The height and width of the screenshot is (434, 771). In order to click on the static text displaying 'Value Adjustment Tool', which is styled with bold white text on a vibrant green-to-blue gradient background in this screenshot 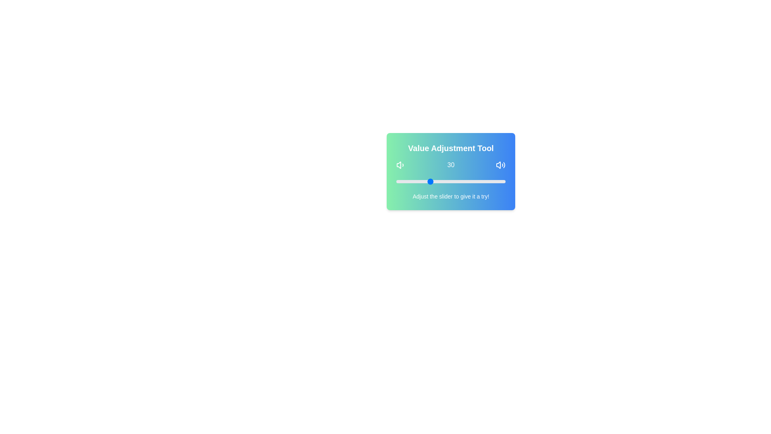, I will do `click(451, 148)`.